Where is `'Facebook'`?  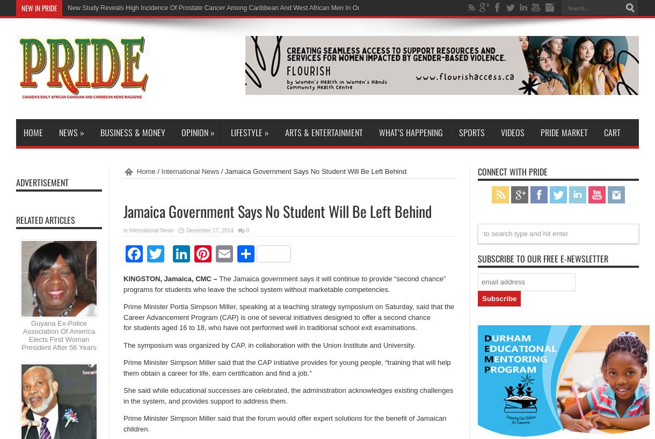 'Facebook' is located at coordinates (180, 253).